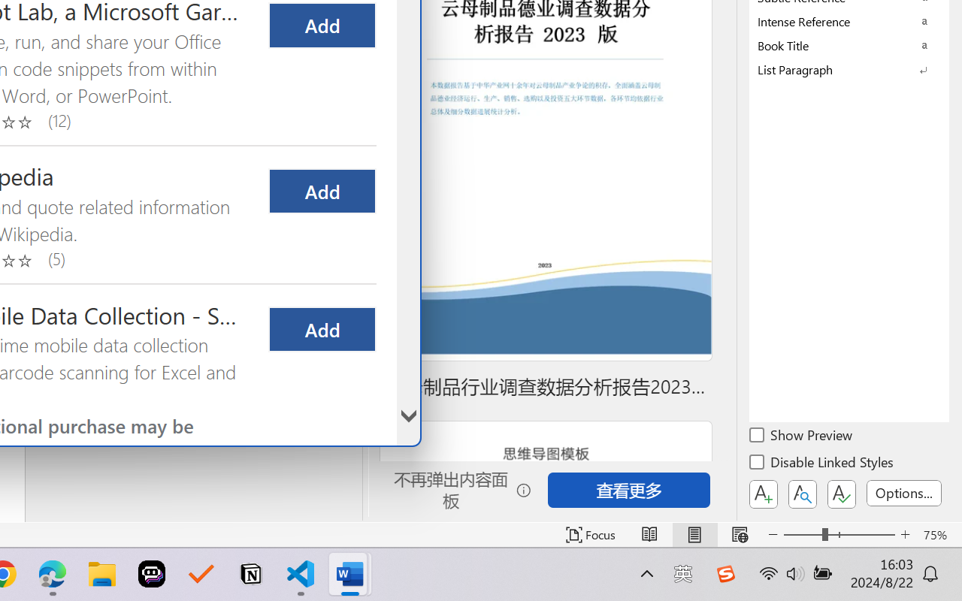  Describe the element at coordinates (849, 44) in the screenshot. I see `'Book Title'` at that location.